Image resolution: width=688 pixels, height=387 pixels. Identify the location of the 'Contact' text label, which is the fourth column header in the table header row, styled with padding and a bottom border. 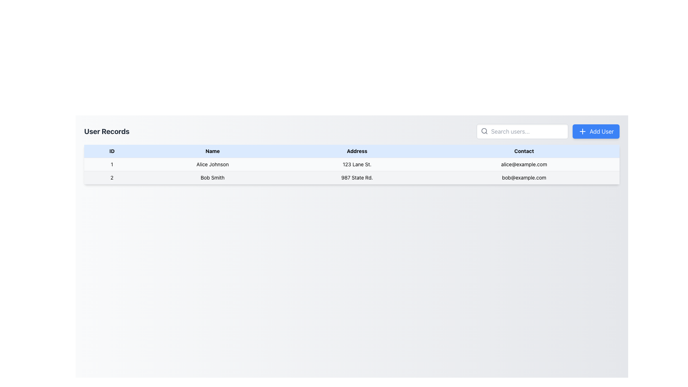
(524, 151).